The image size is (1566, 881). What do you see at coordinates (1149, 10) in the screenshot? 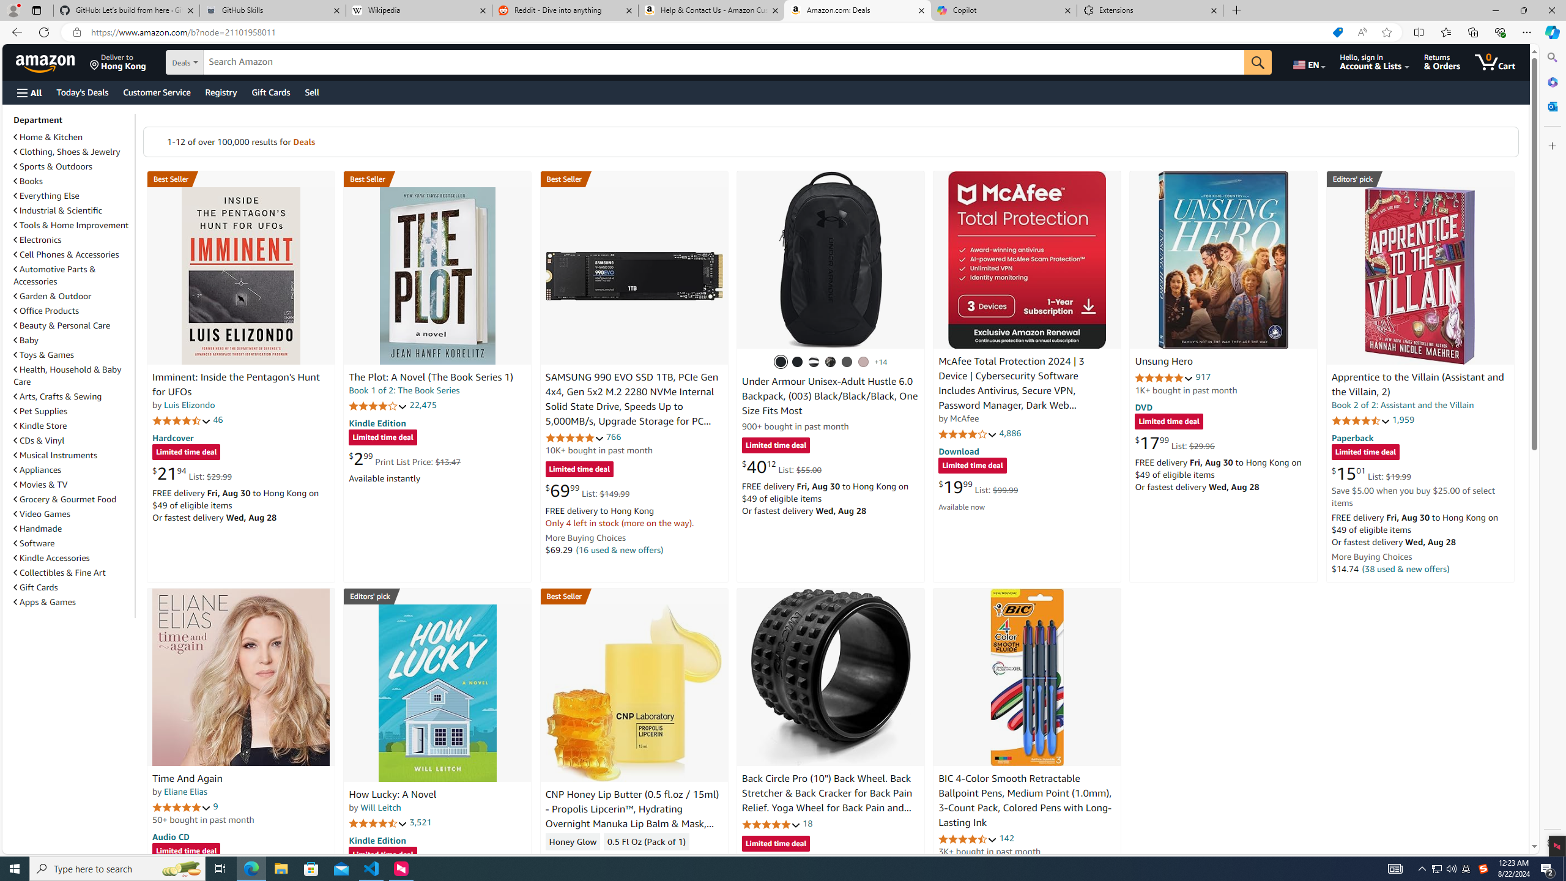
I see `'Extensions'` at bounding box center [1149, 10].